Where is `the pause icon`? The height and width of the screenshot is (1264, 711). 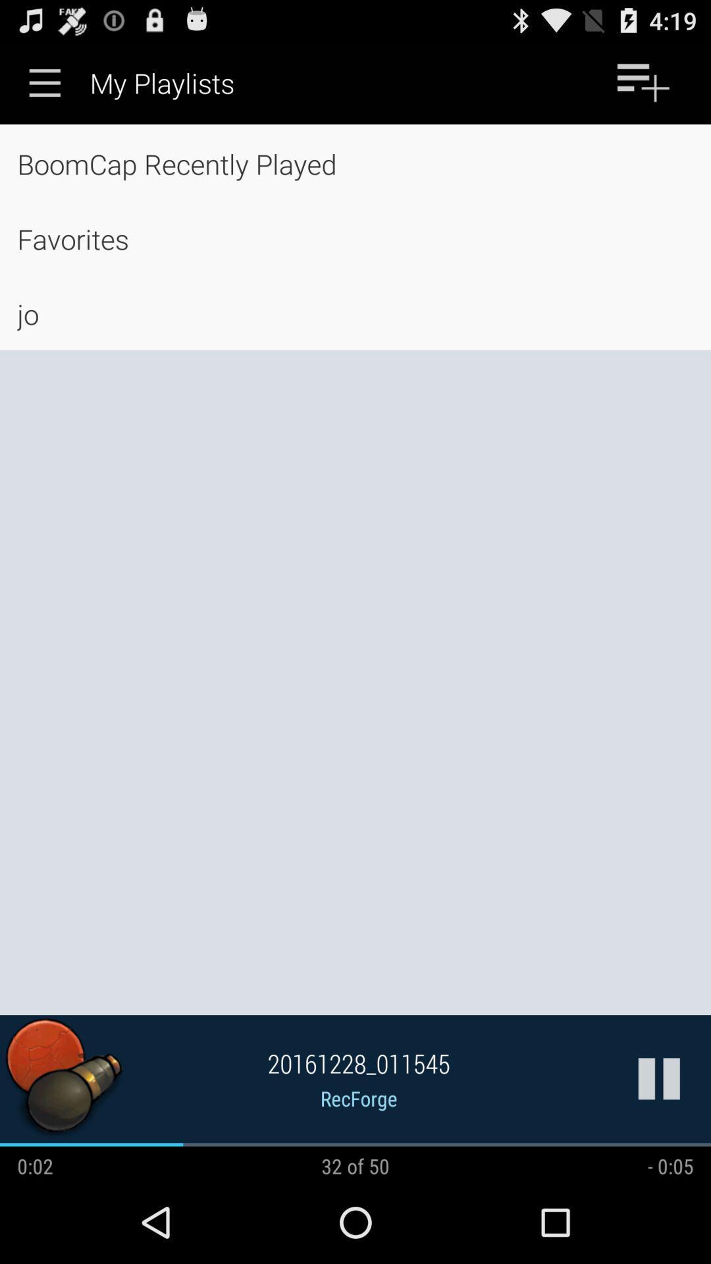
the pause icon is located at coordinates (659, 1153).